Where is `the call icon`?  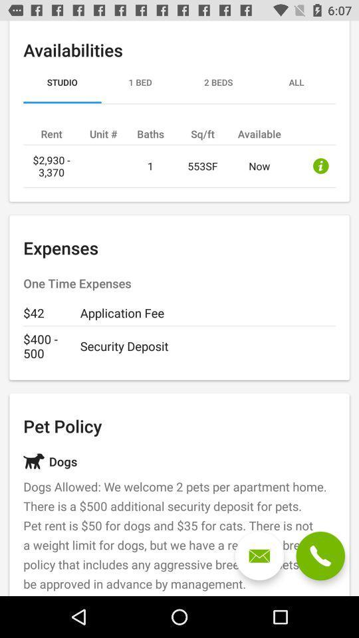
the call icon is located at coordinates (320, 556).